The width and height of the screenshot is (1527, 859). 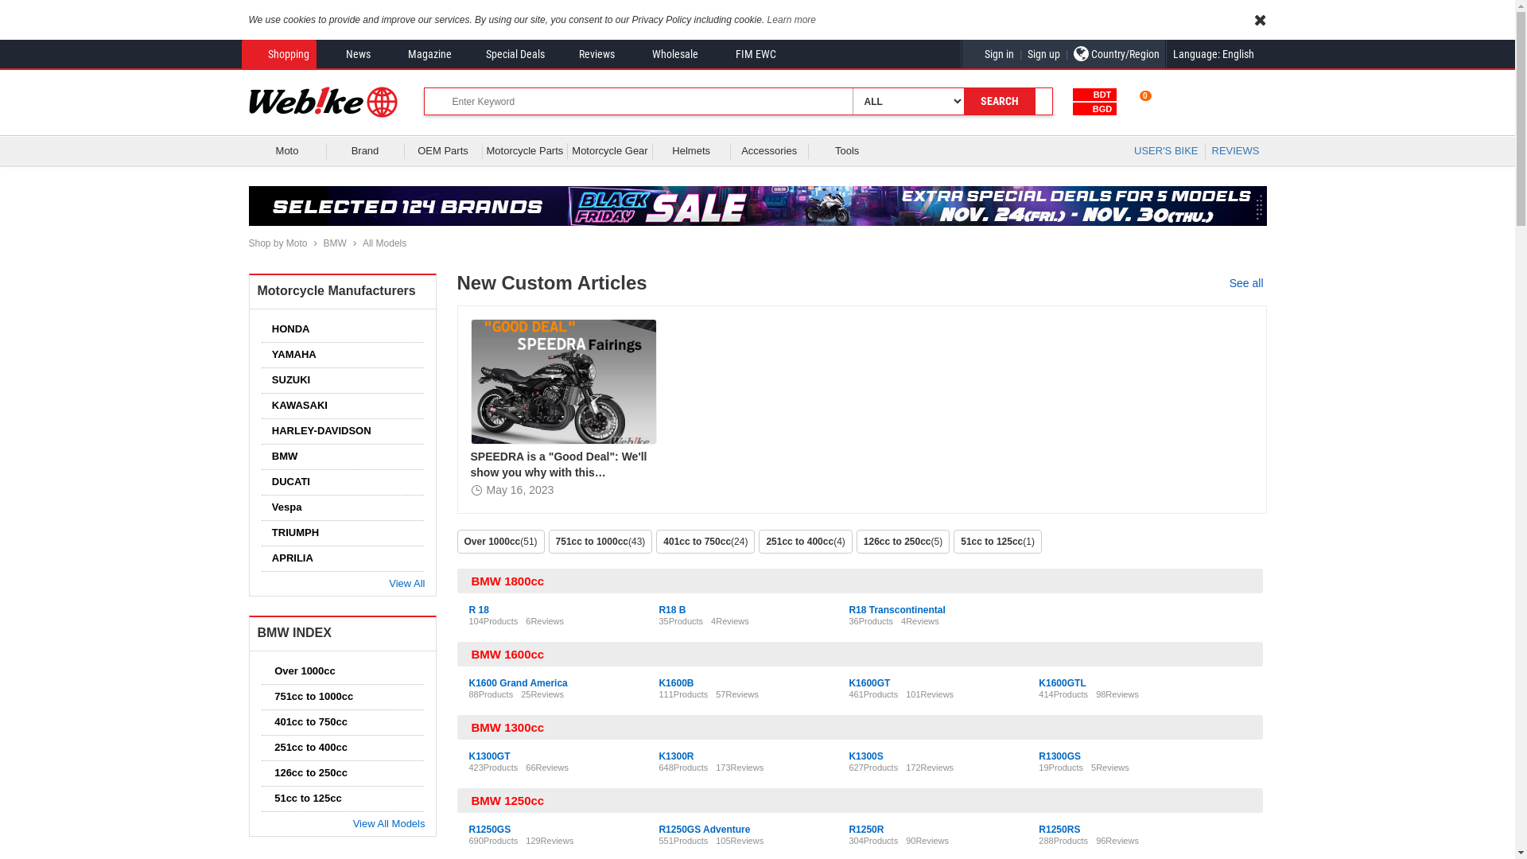 What do you see at coordinates (671, 609) in the screenshot?
I see `'R18 B'` at bounding box center [671, 609].